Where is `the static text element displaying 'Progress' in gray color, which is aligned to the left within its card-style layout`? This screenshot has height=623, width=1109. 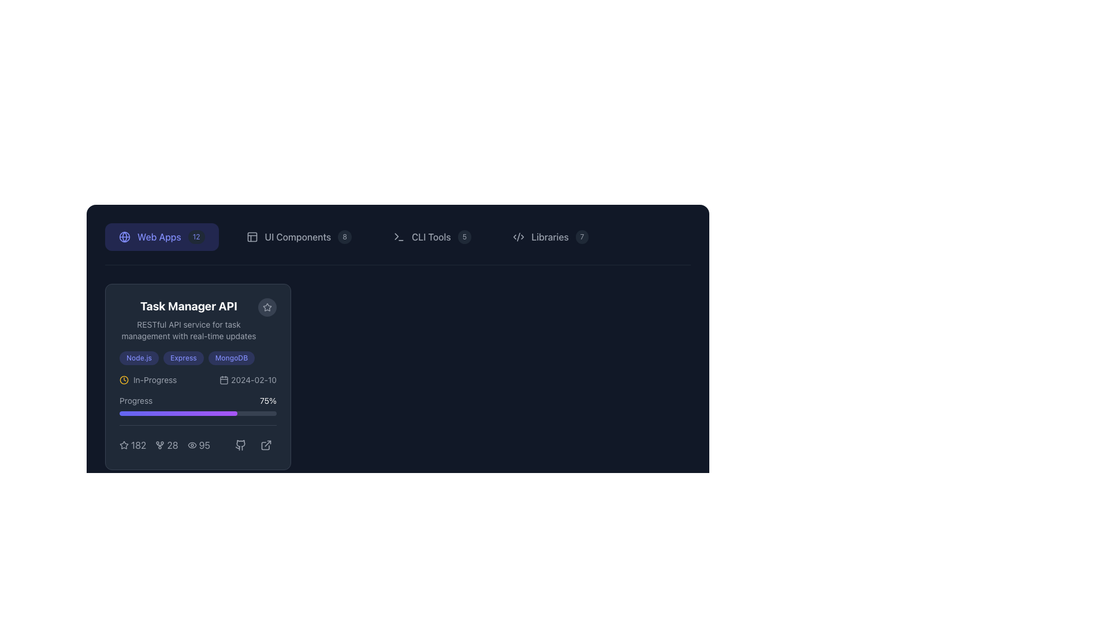
the static text element displaying 'Progress' in gray color, which is aligned to the left within its card-style layout is located at coordinates (136, 400).